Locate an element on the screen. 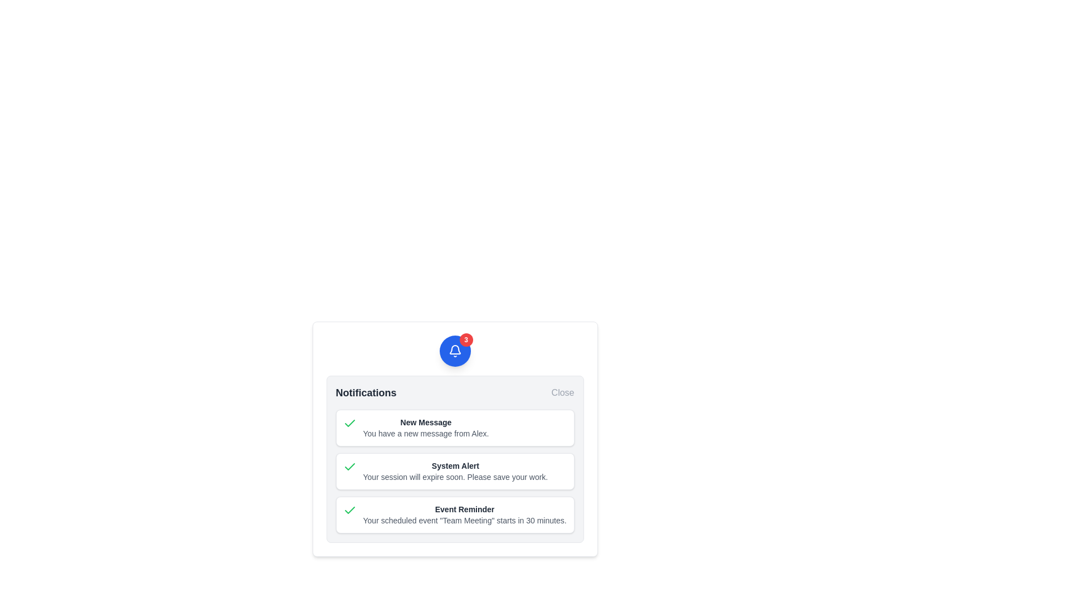 Image resolution: width=1070 pixels, height=602 pixels. notification text from the 'Event Reminder' card, which contains the message 'Your scheduled event "Team Meeting" starts in 30 minutes.' is located at coordinates (455, 515).